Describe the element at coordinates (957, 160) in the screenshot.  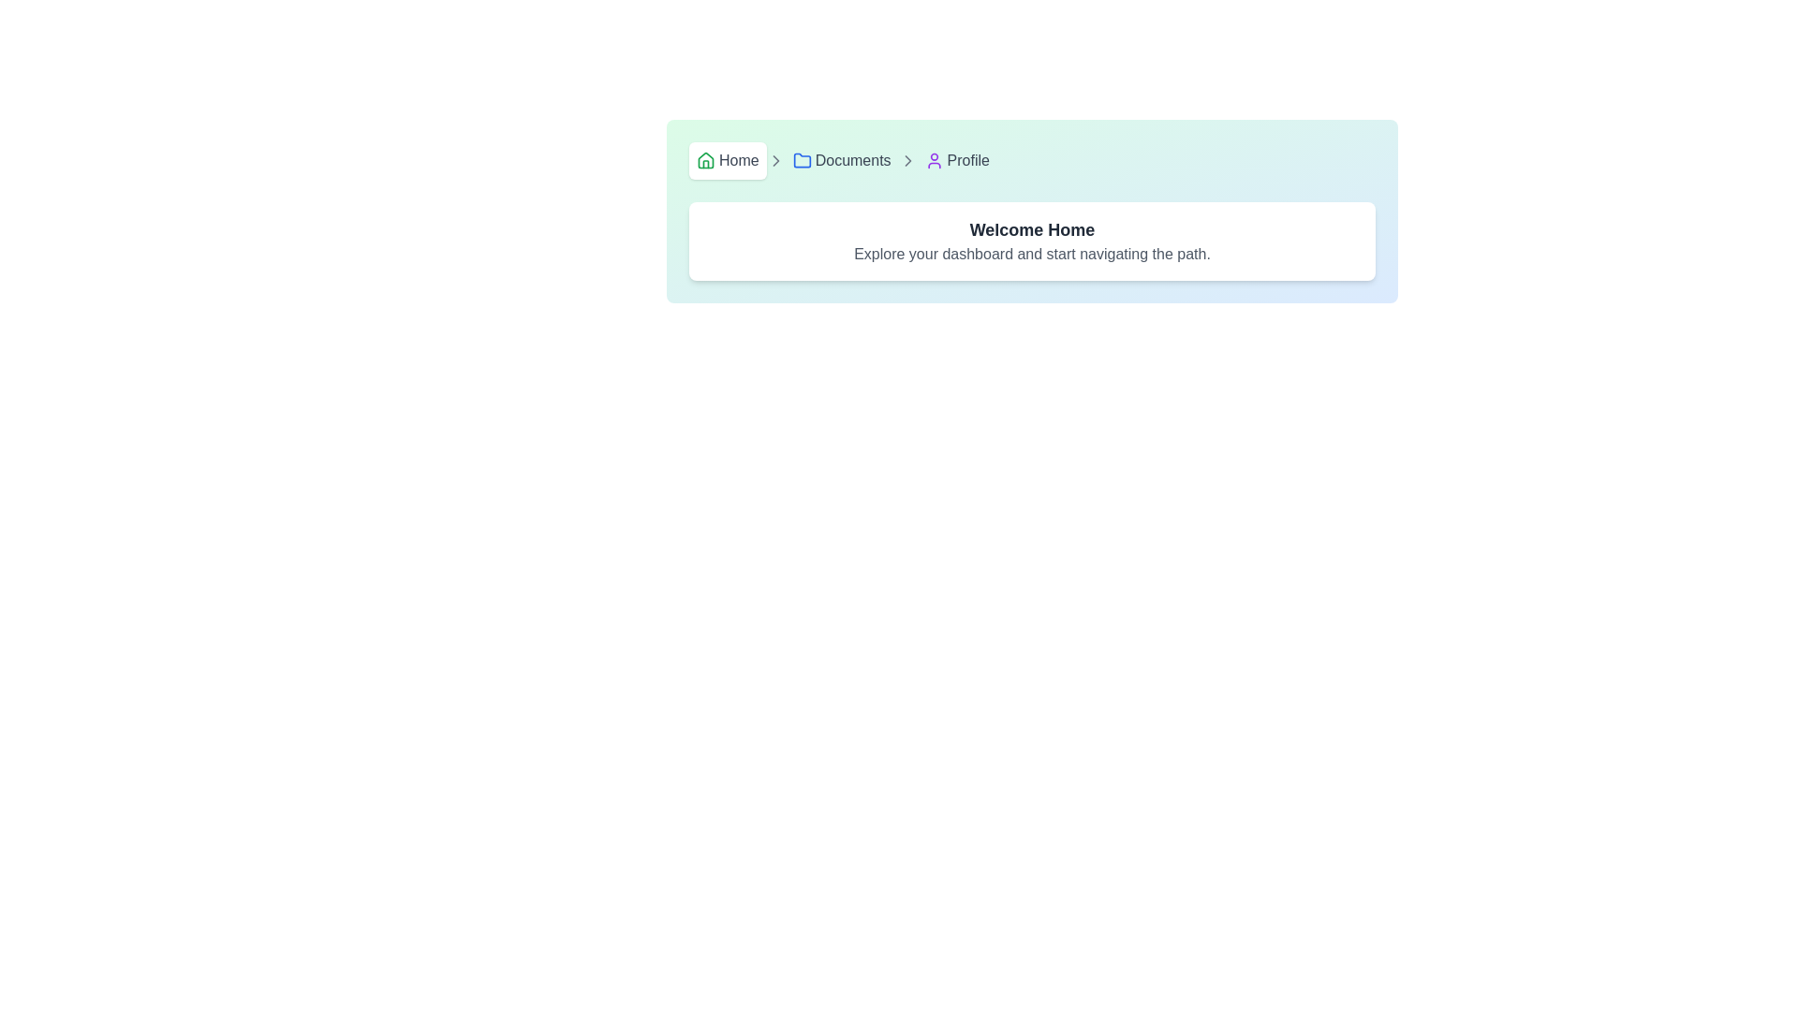
I see `the 'Profile' button in the breadcrumb navigation bar` at that location.